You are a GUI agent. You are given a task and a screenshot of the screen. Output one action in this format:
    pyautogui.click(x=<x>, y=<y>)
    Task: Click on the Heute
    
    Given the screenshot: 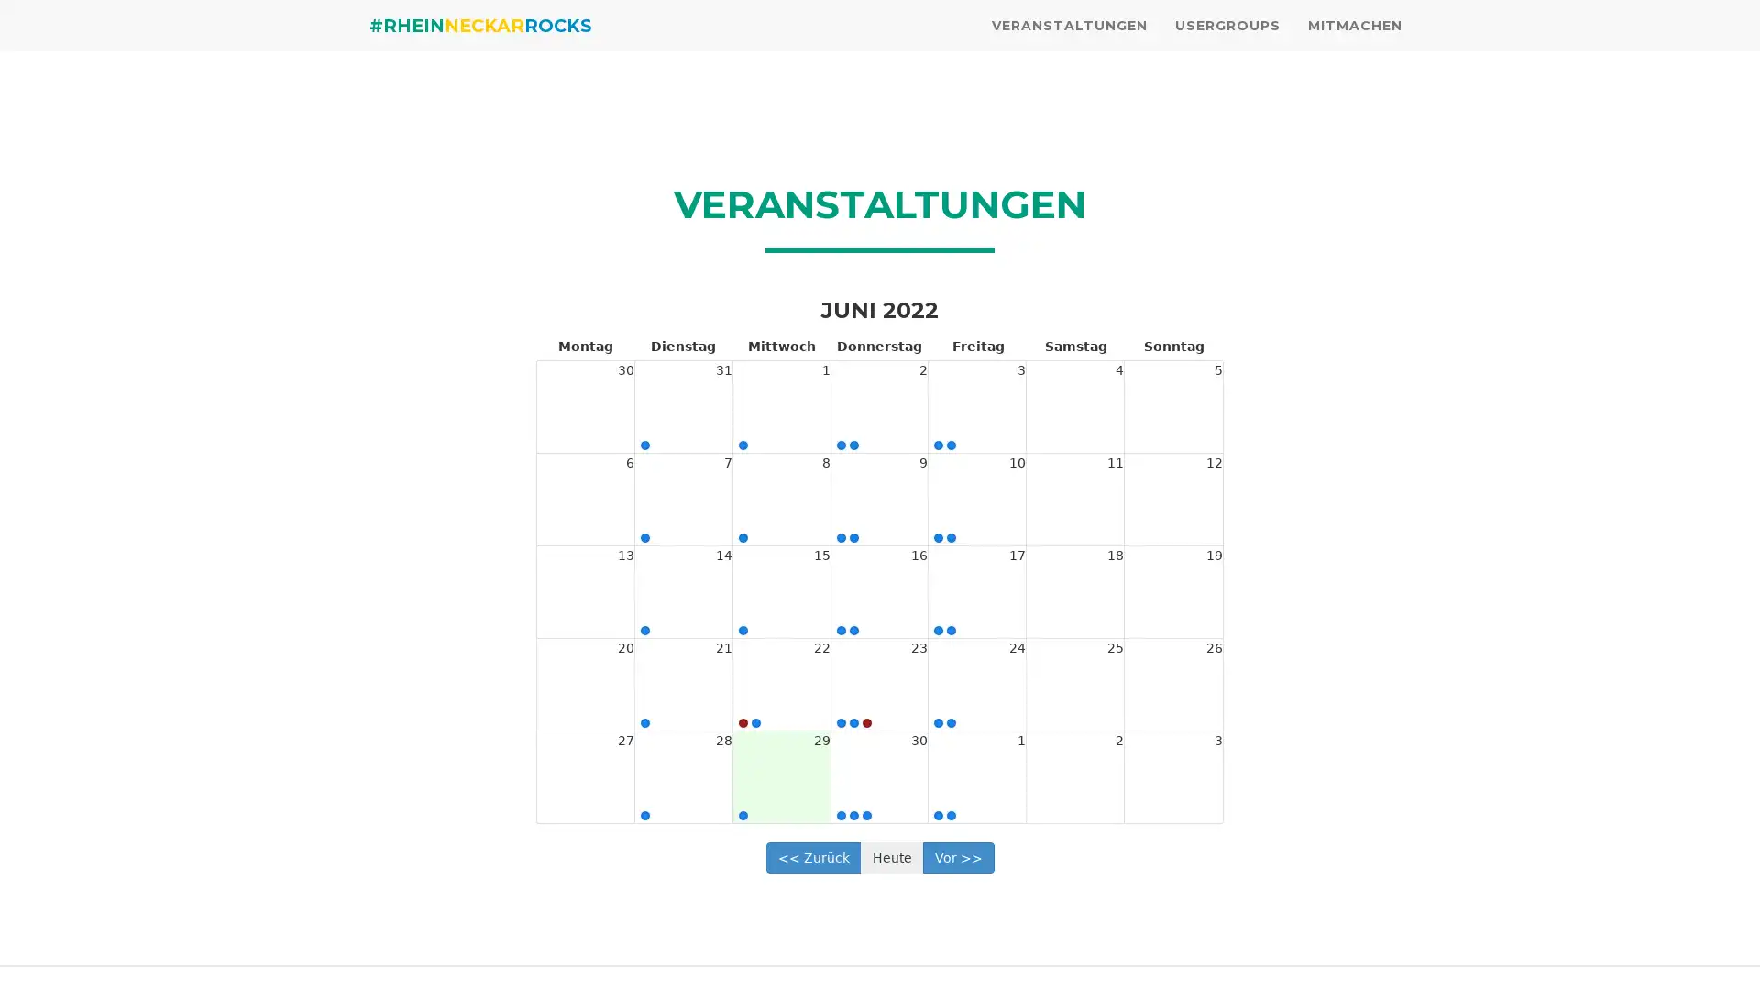 What is the action you would take?
    pyautogui.click(x=891, y=856)
    